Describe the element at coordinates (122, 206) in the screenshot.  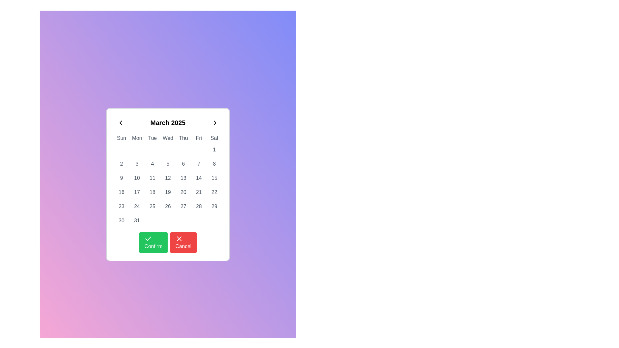
I see `the button representing the 23rd day in the calendar month located in the sixth row and first column under the 'Sun' header` at that location.